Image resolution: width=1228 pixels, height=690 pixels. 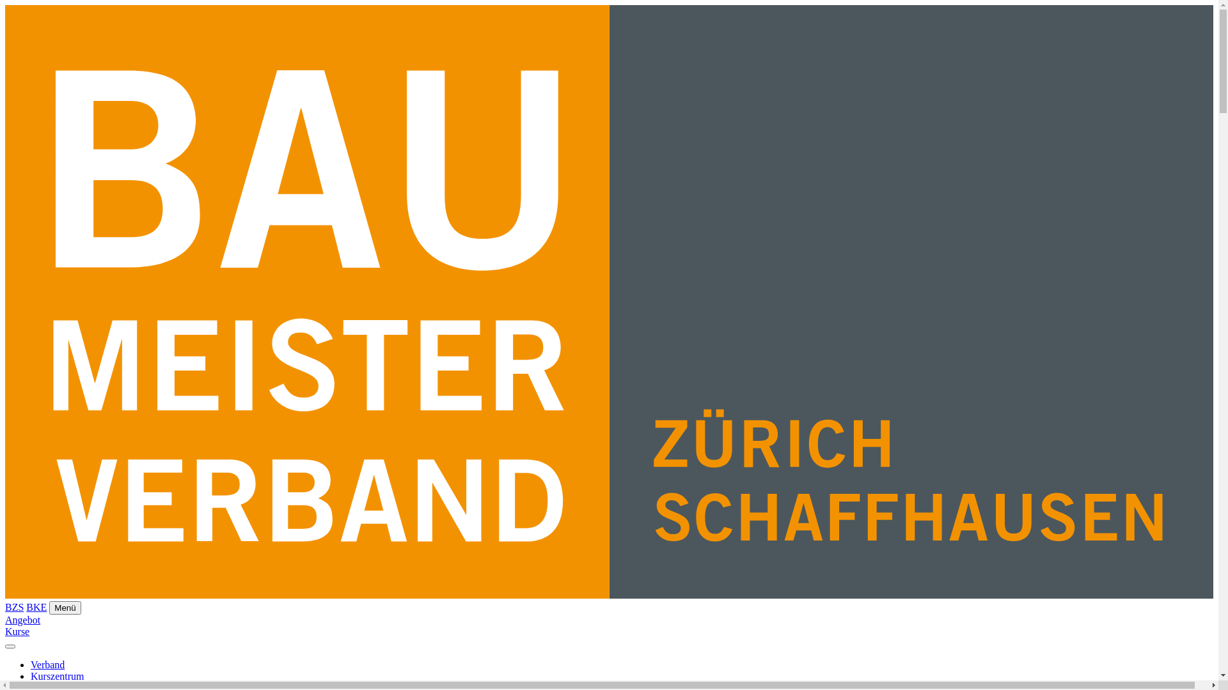 I want to click on 'Angebot, so click(x=5, y=625).